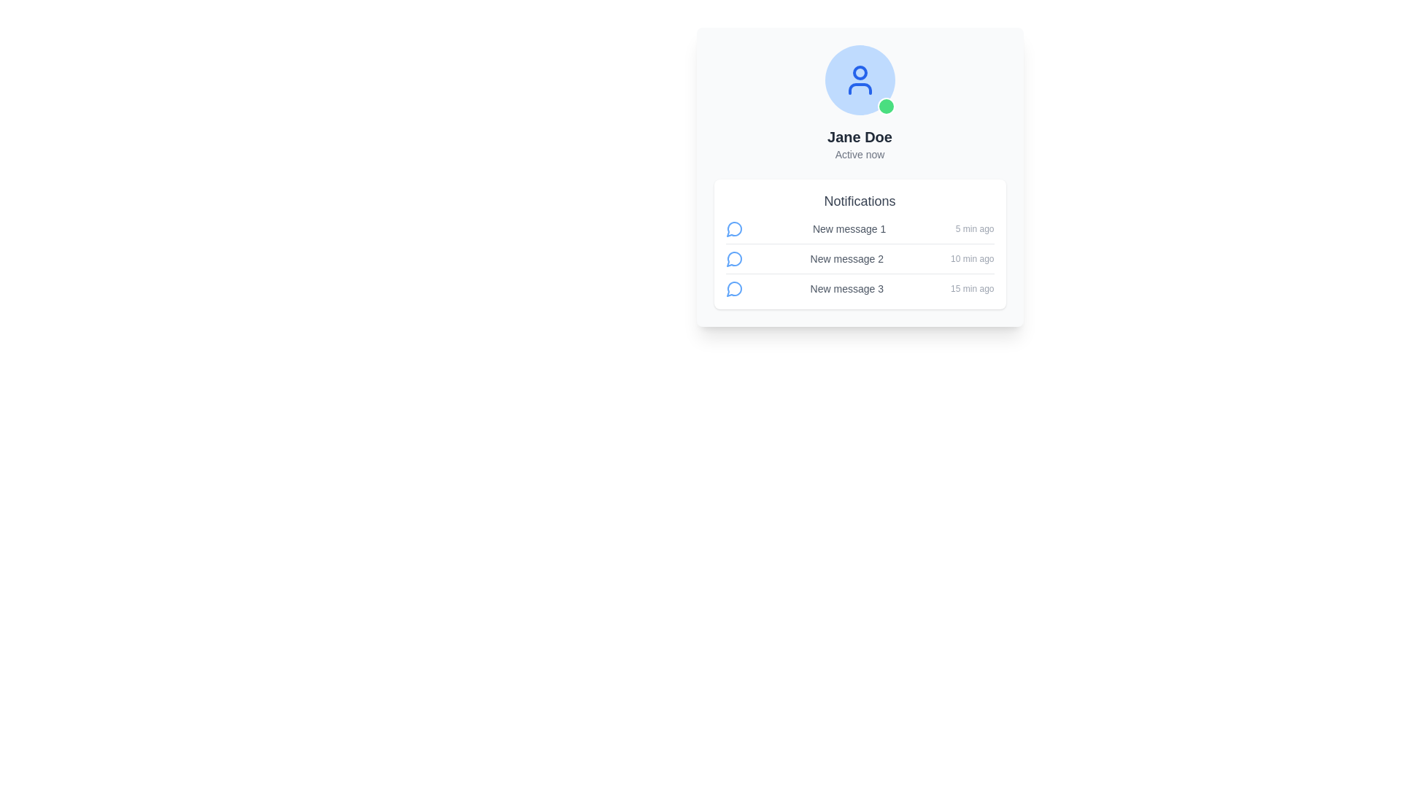  Describe the element at coordinates (975, 228) in the screenshot. I see `the small text label displaying '5 min ago'` at that location.